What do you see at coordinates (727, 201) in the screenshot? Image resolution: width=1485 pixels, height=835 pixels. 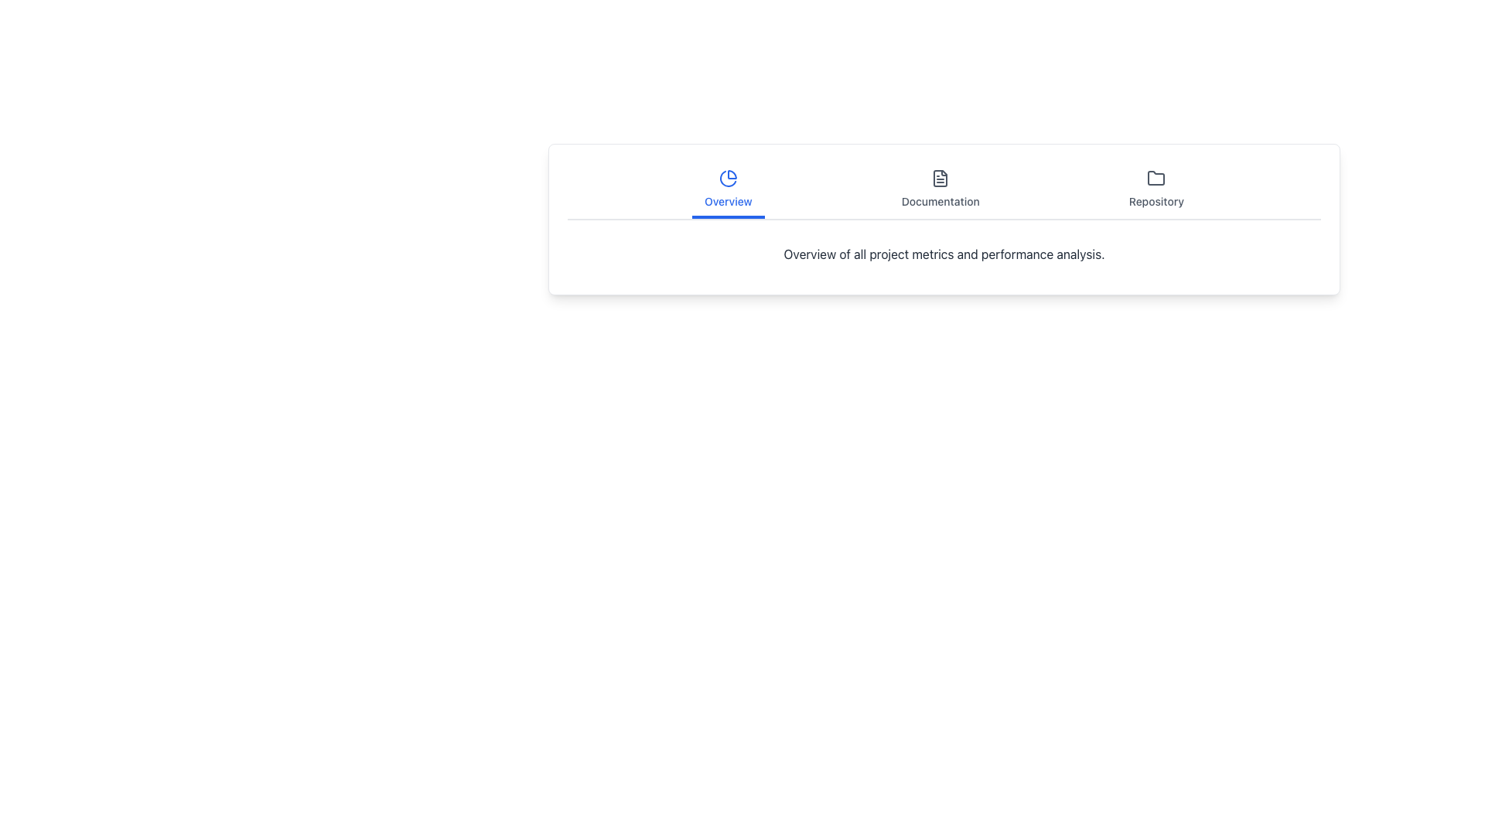 I see `the 'Overview' tab label, which is positioned centrally below the pie chart icon in the tab navigation layout` at bounding box center [727, 201].